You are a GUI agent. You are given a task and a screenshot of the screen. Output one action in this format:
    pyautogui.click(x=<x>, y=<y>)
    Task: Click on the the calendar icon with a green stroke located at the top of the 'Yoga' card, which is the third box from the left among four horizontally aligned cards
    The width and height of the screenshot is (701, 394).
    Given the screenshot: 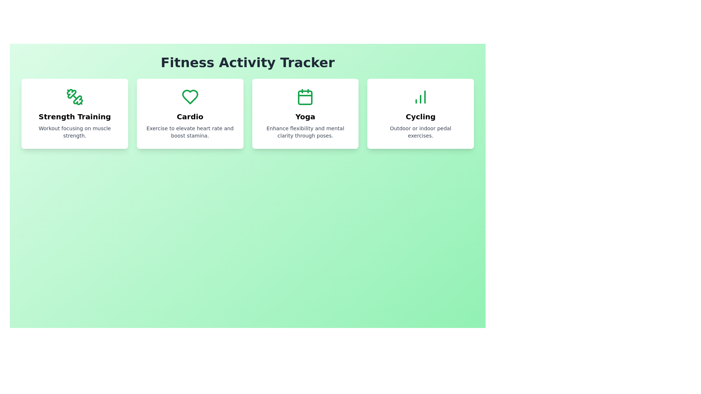 What is the action you would take?
    pyautogui.click(x=305, y=97)
    